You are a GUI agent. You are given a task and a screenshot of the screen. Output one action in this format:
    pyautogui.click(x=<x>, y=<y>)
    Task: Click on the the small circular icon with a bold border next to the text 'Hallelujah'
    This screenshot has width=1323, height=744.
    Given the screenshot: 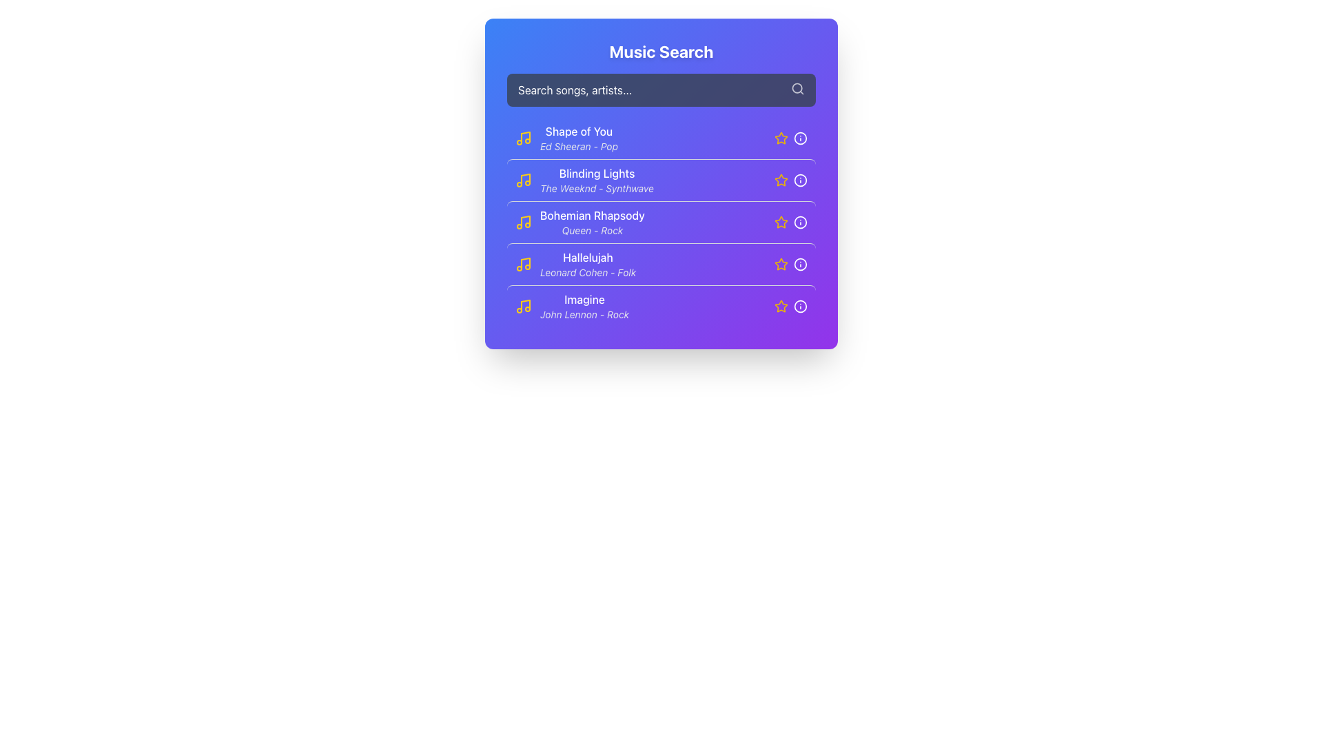 What is the action you would take?
    pyautogui.click(x=800, y=265)
    